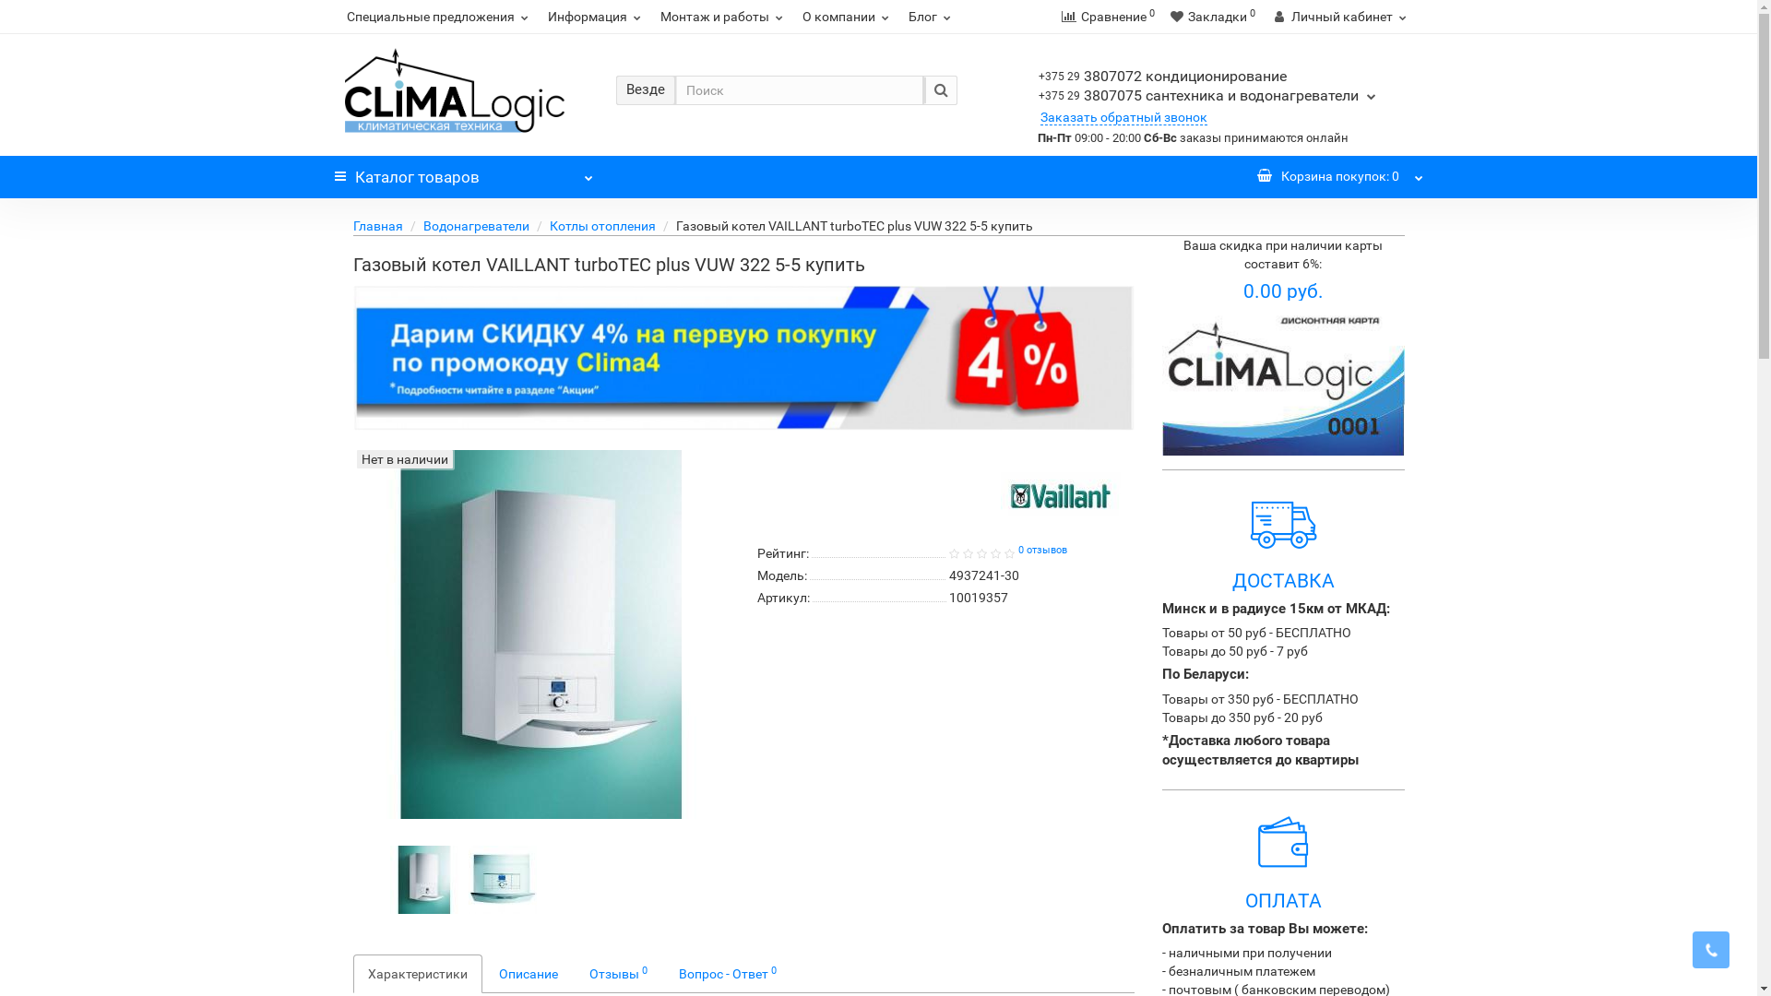 Image resolution: width=1771 pixels, height=996 pixels. Describe the element at coordinates (455, 89) in the screenshot. I see `'Climalogic.by'` at that location.